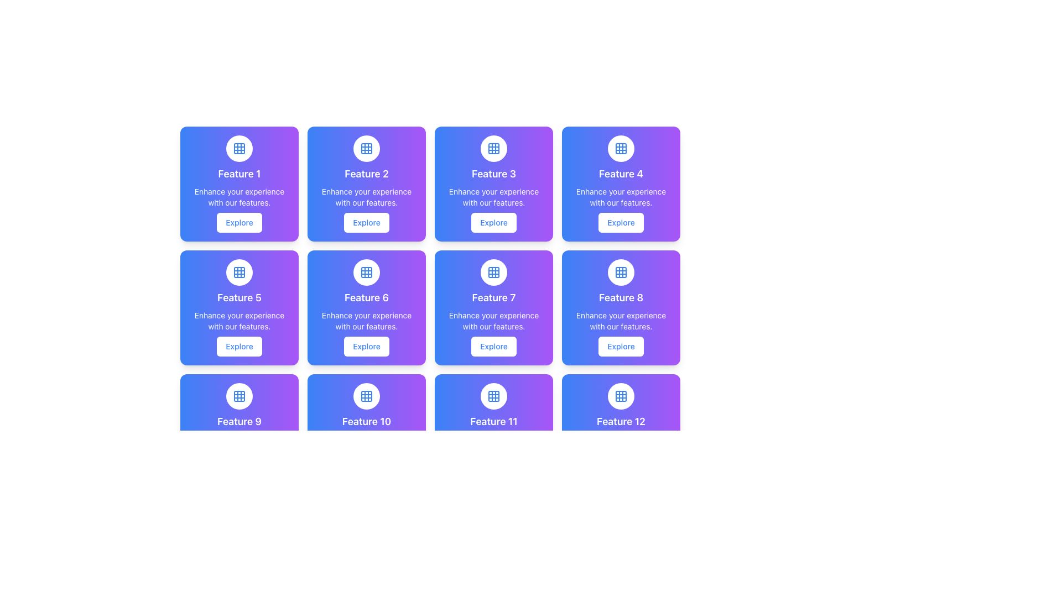 Image resolution: width=1062 pixels, height=597 pixels. What do you see at coordinates (493, 222) in the screenshot?
I see `the 'Explore' button located in the 'Feature 3' card` at bounding box center [493, 222].